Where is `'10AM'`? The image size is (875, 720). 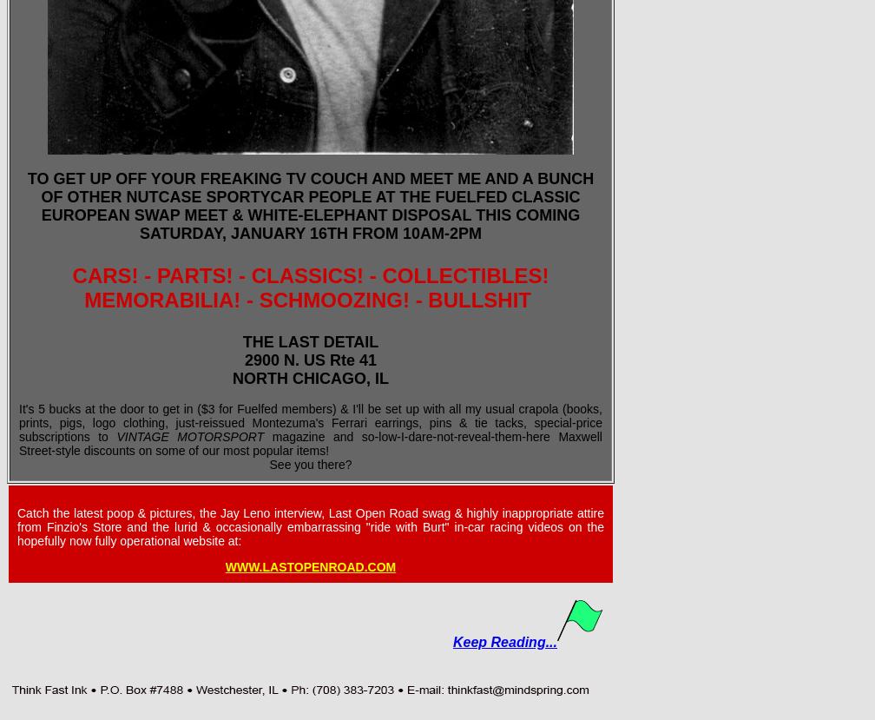
'10AM' is located at coordinates (423, 233).